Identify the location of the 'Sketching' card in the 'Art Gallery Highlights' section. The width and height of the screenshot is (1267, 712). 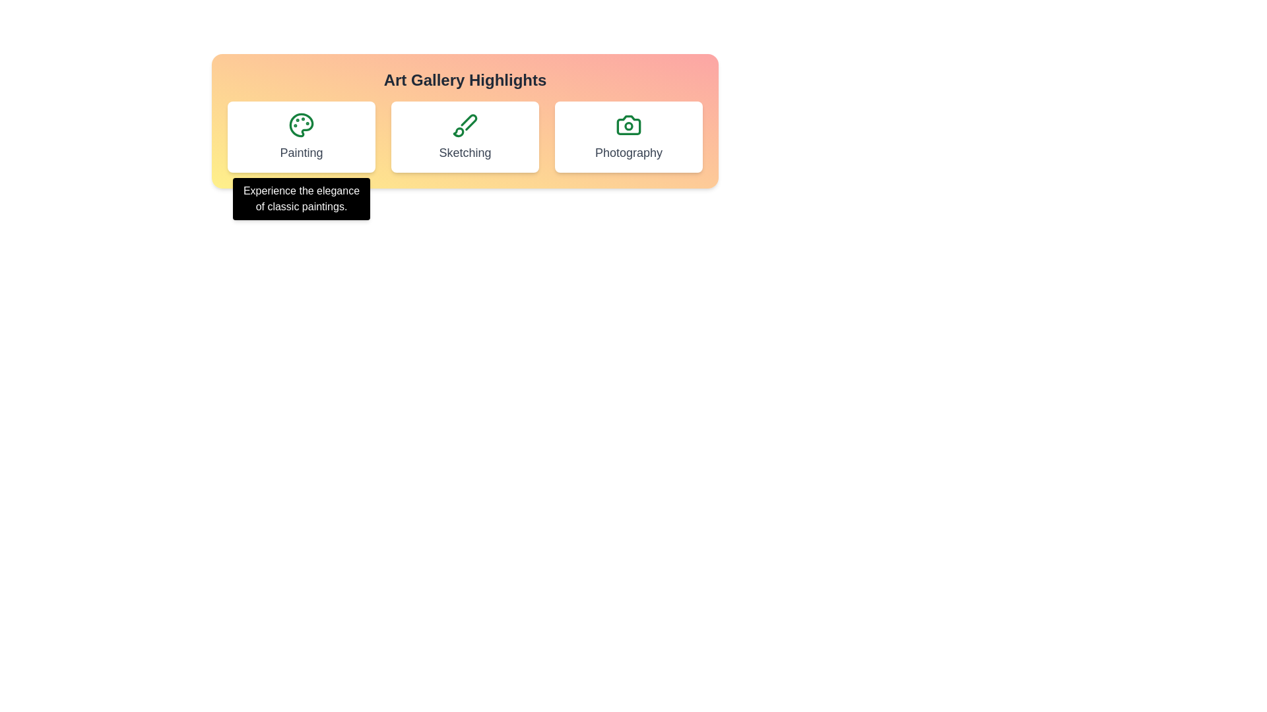
(465, 137).